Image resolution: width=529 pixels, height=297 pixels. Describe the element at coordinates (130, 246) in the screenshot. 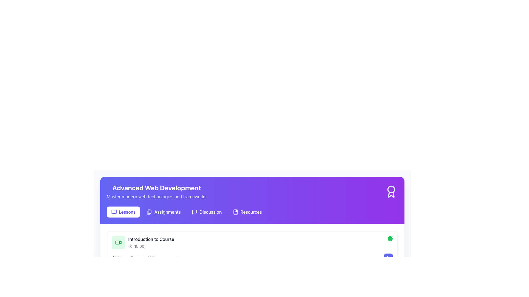

I see `the visual representation of the clock icon with a circular border and gray color, located to the left of the text '15:00' in the course details section` at that location.